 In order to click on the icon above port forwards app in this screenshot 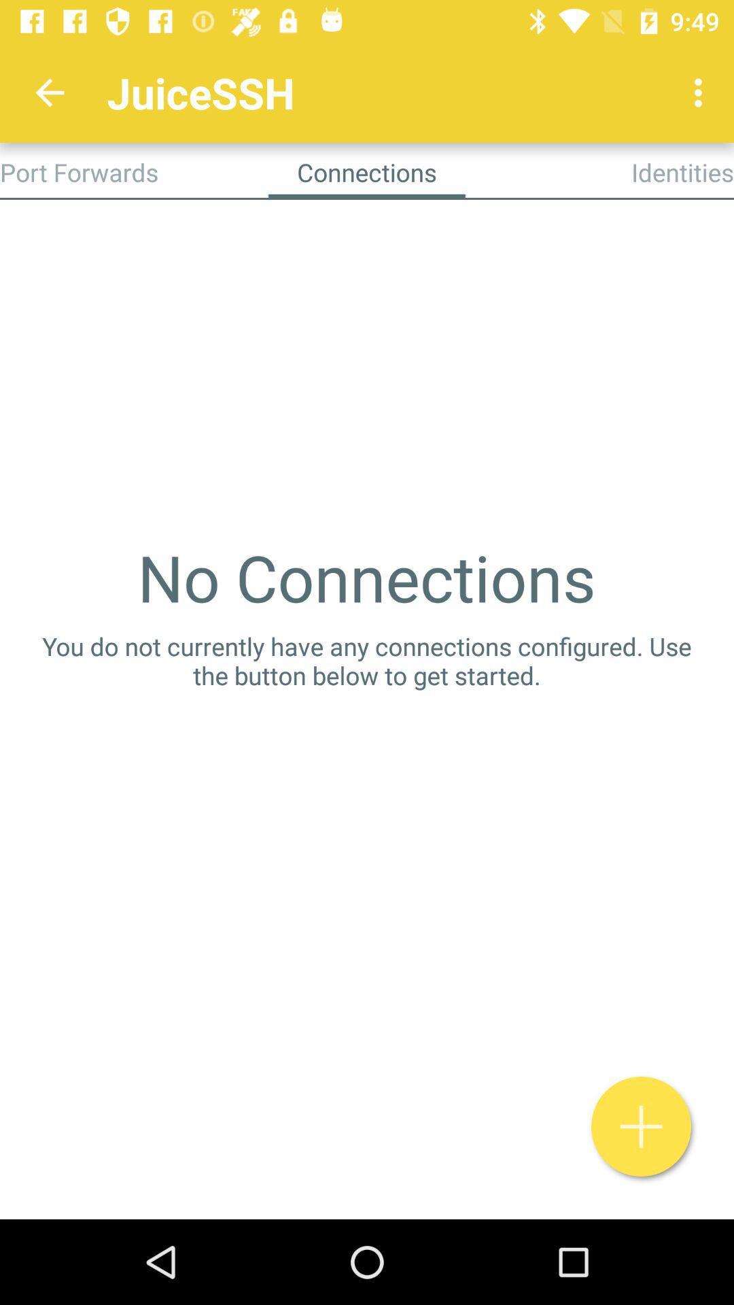, I will do `click(49, 92)`.